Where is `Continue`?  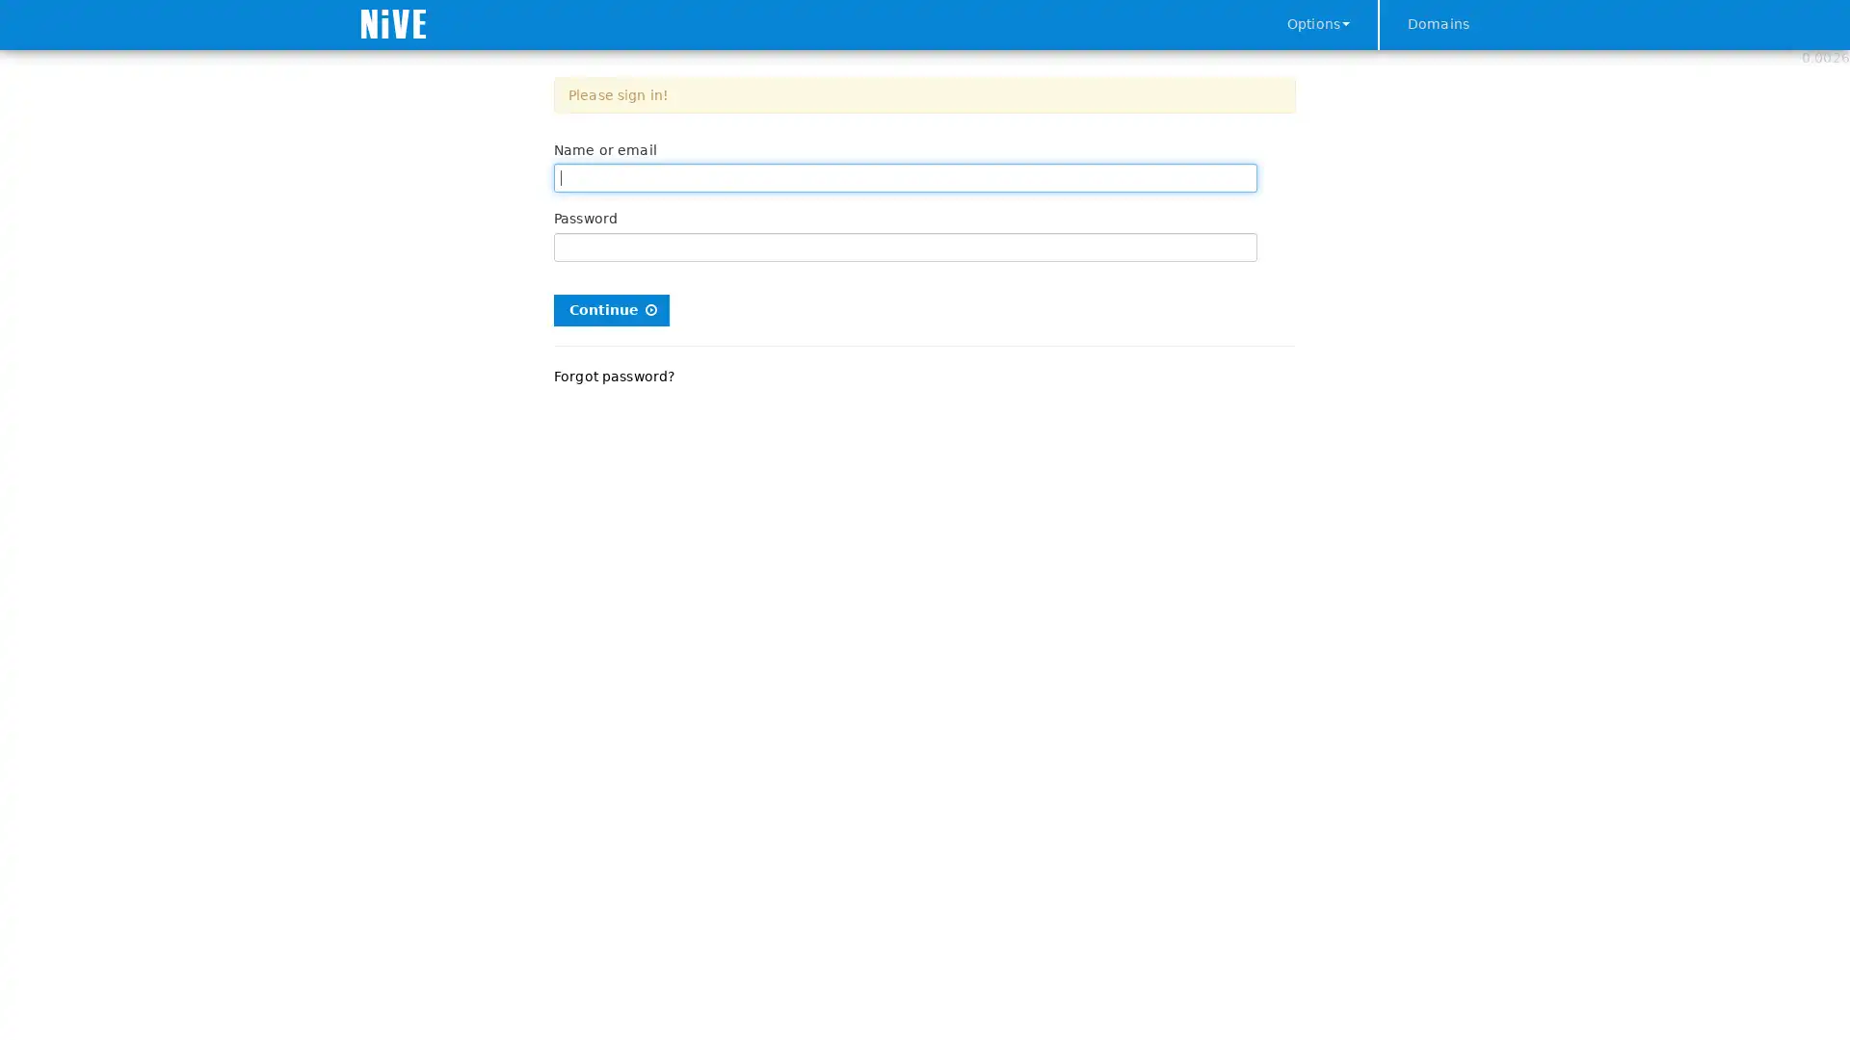
Continue is located at coordinates (610, 308).